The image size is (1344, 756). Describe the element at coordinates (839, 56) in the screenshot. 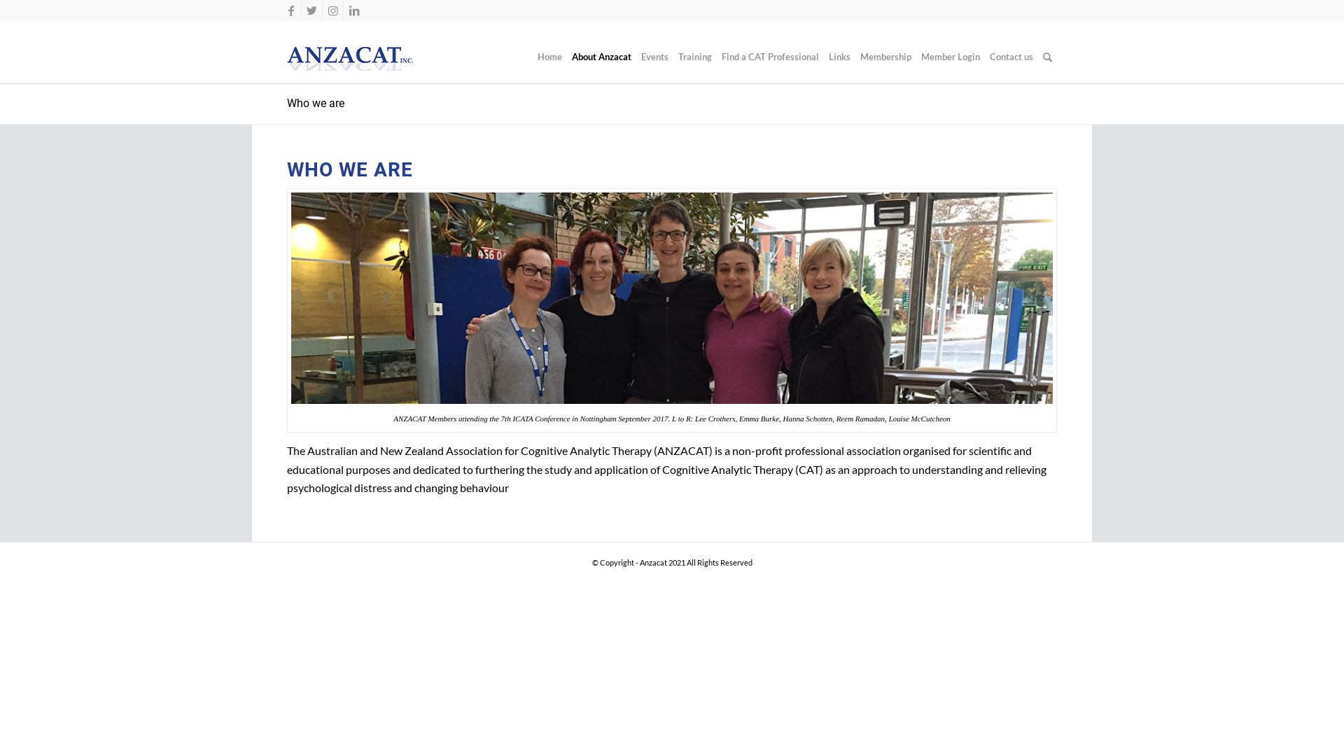

I see `'Links'` at that location.